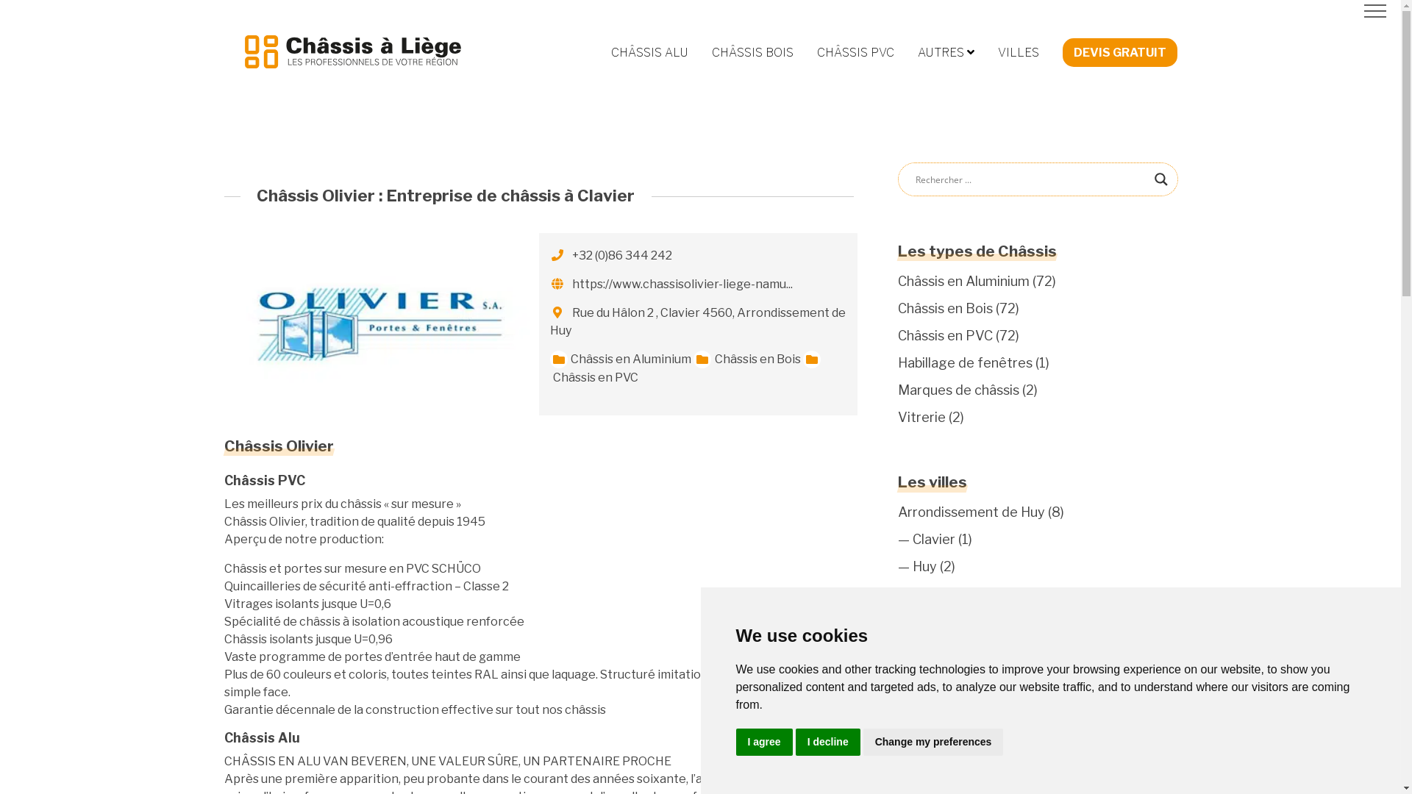 This screenshot has width=1412, height=794. I want to click on 'I agree', so click(735, 742).